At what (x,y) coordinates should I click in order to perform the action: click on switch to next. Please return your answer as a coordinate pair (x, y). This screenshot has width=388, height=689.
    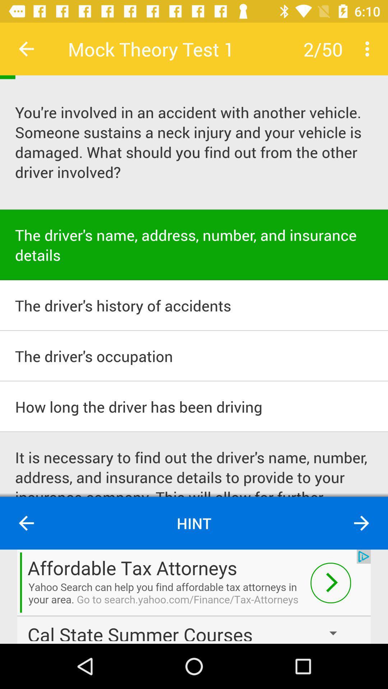
    Looking at the image, I should click on (361, 523).